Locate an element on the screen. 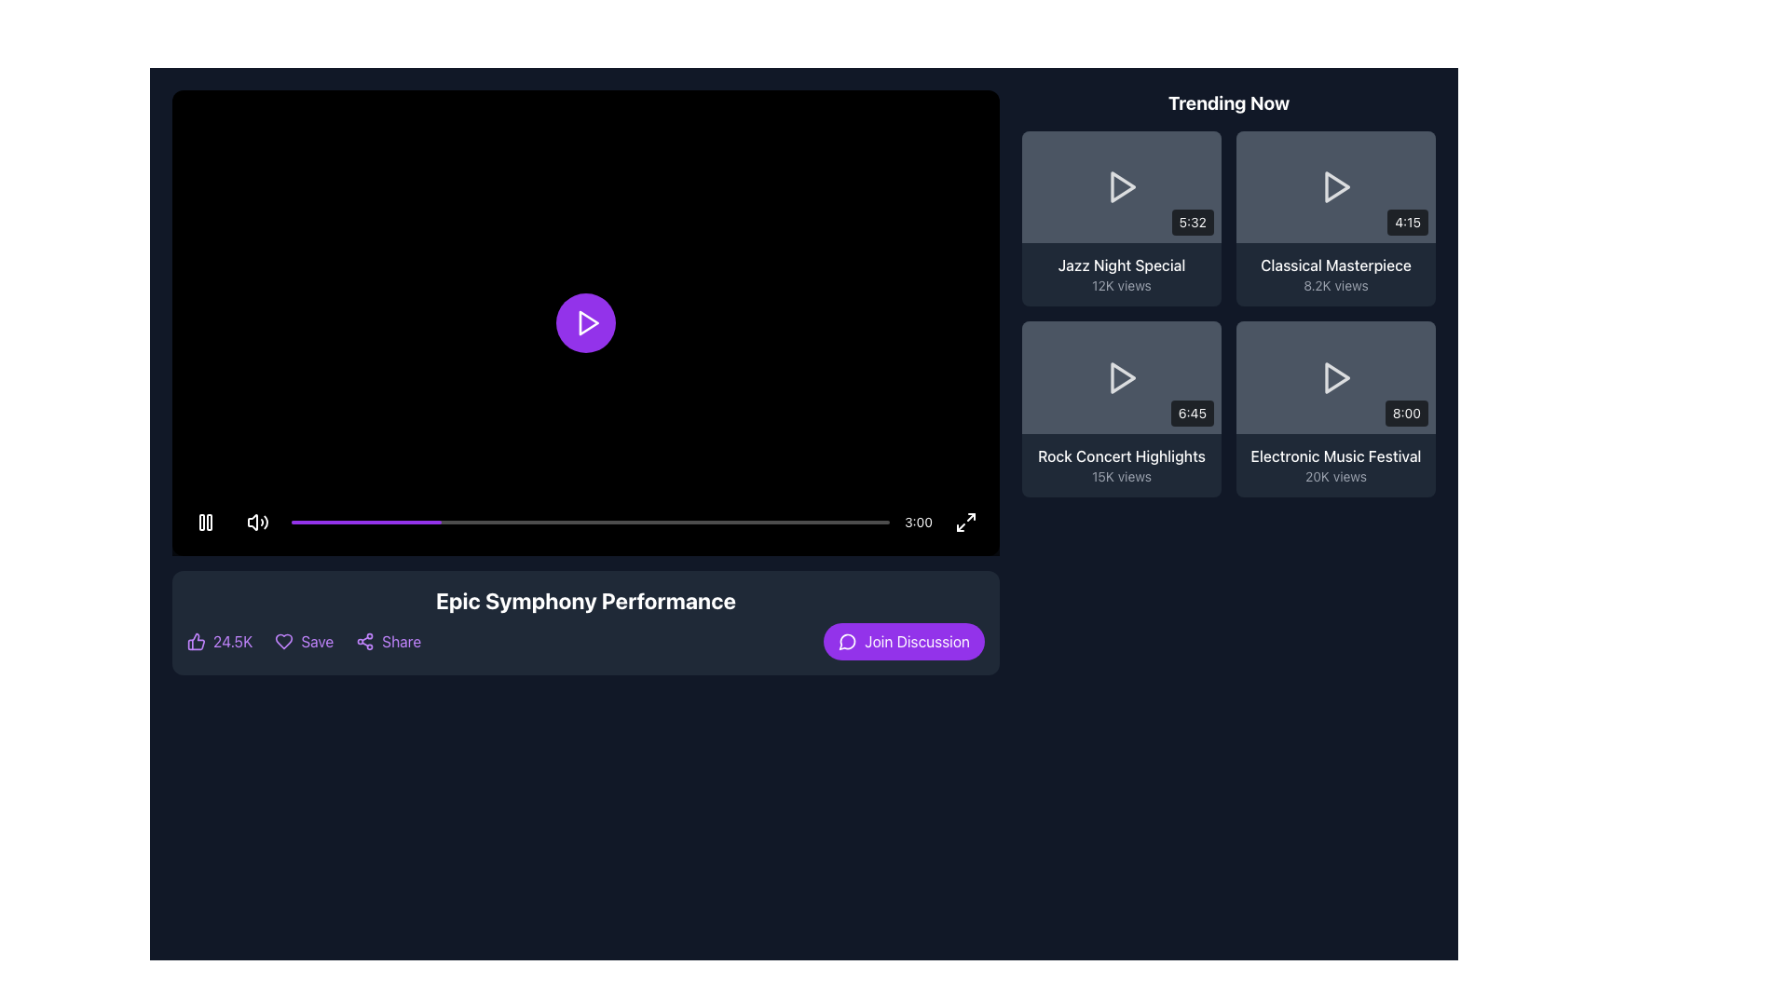  text displayed in the 'Trending Now' section for the video titled 'Jazz Night Special', which includes the title and view count is located at coordinates (1121, 274).